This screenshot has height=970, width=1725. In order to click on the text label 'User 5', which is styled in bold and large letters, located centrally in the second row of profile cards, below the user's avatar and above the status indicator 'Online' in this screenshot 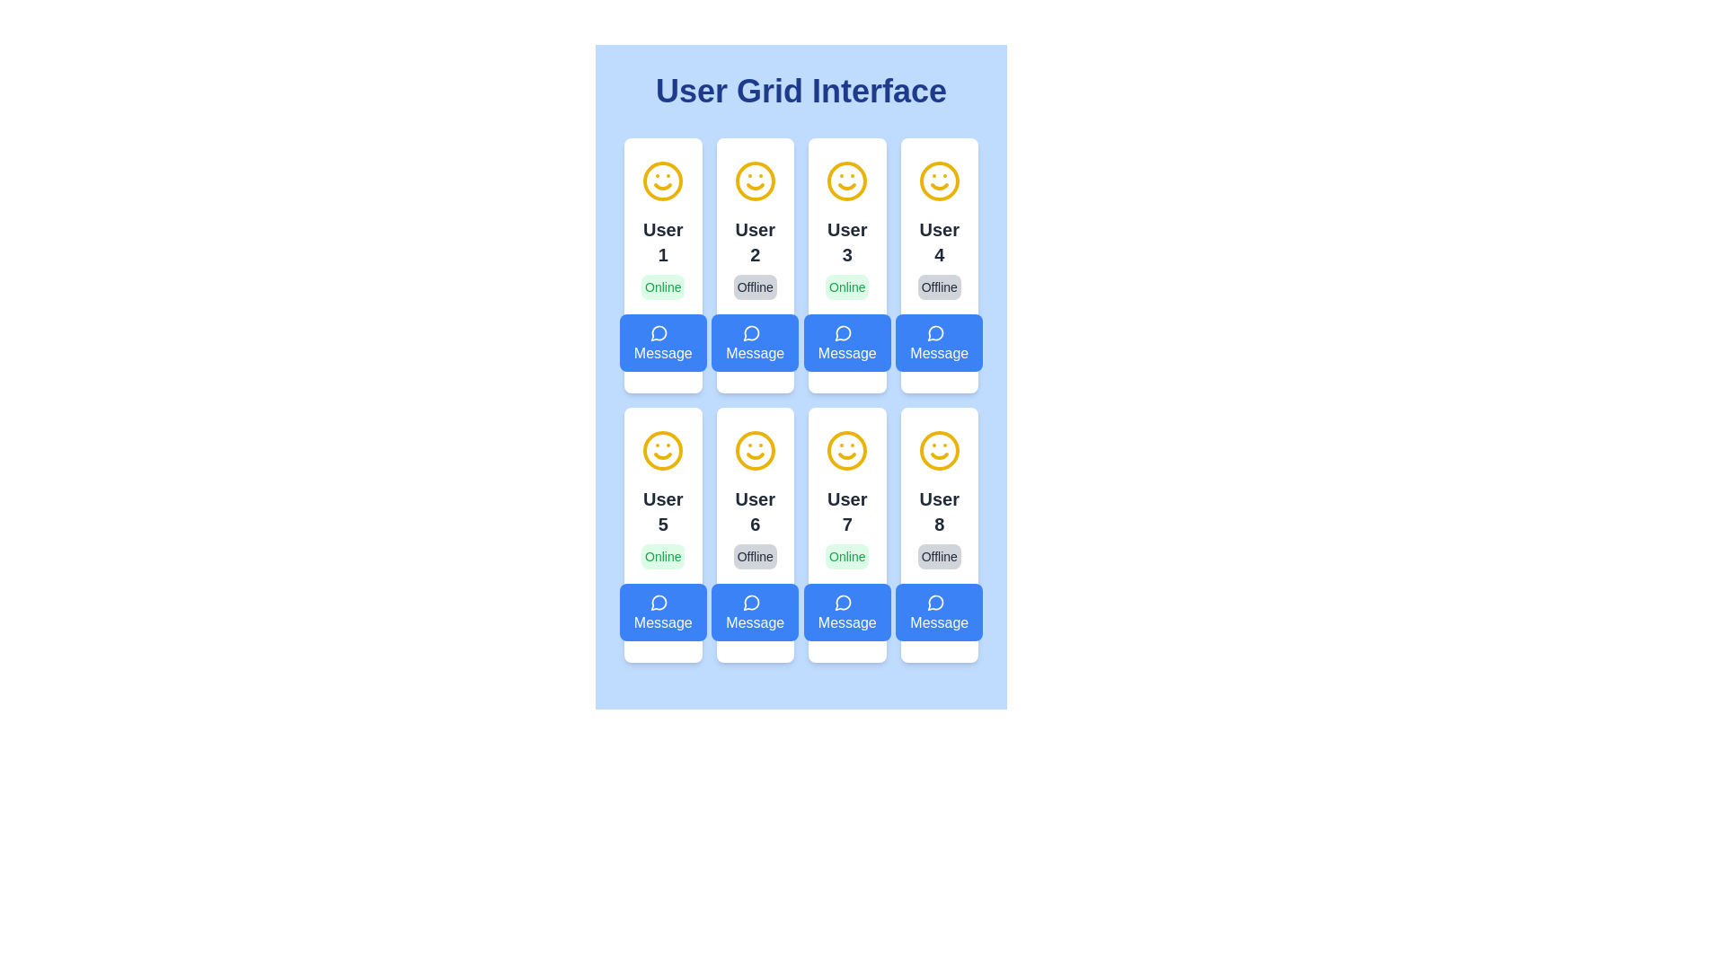, I will do `click(662, 512)`.